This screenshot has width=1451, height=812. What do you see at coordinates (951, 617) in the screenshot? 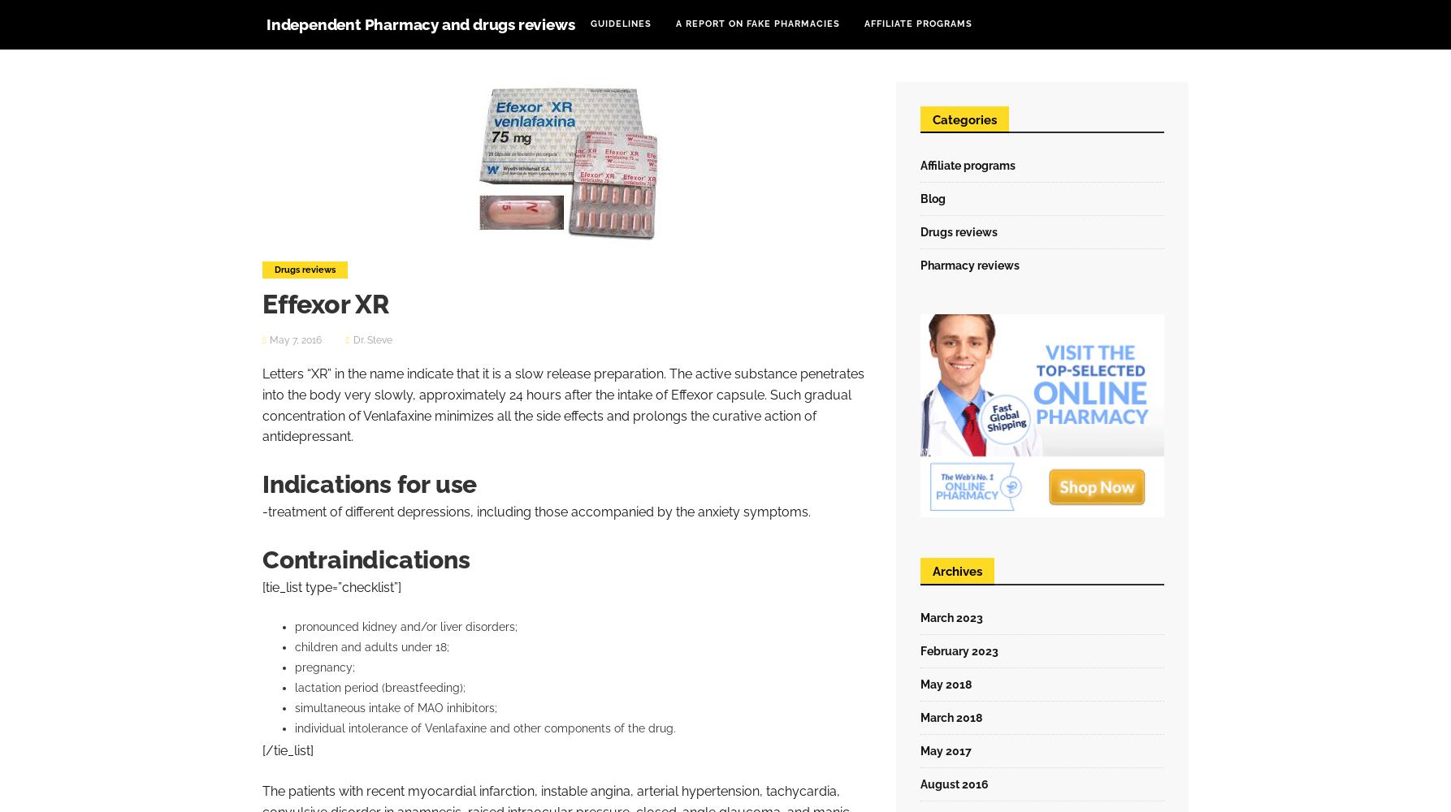
I see `'March 2023'` at bounding box center [951, 617].